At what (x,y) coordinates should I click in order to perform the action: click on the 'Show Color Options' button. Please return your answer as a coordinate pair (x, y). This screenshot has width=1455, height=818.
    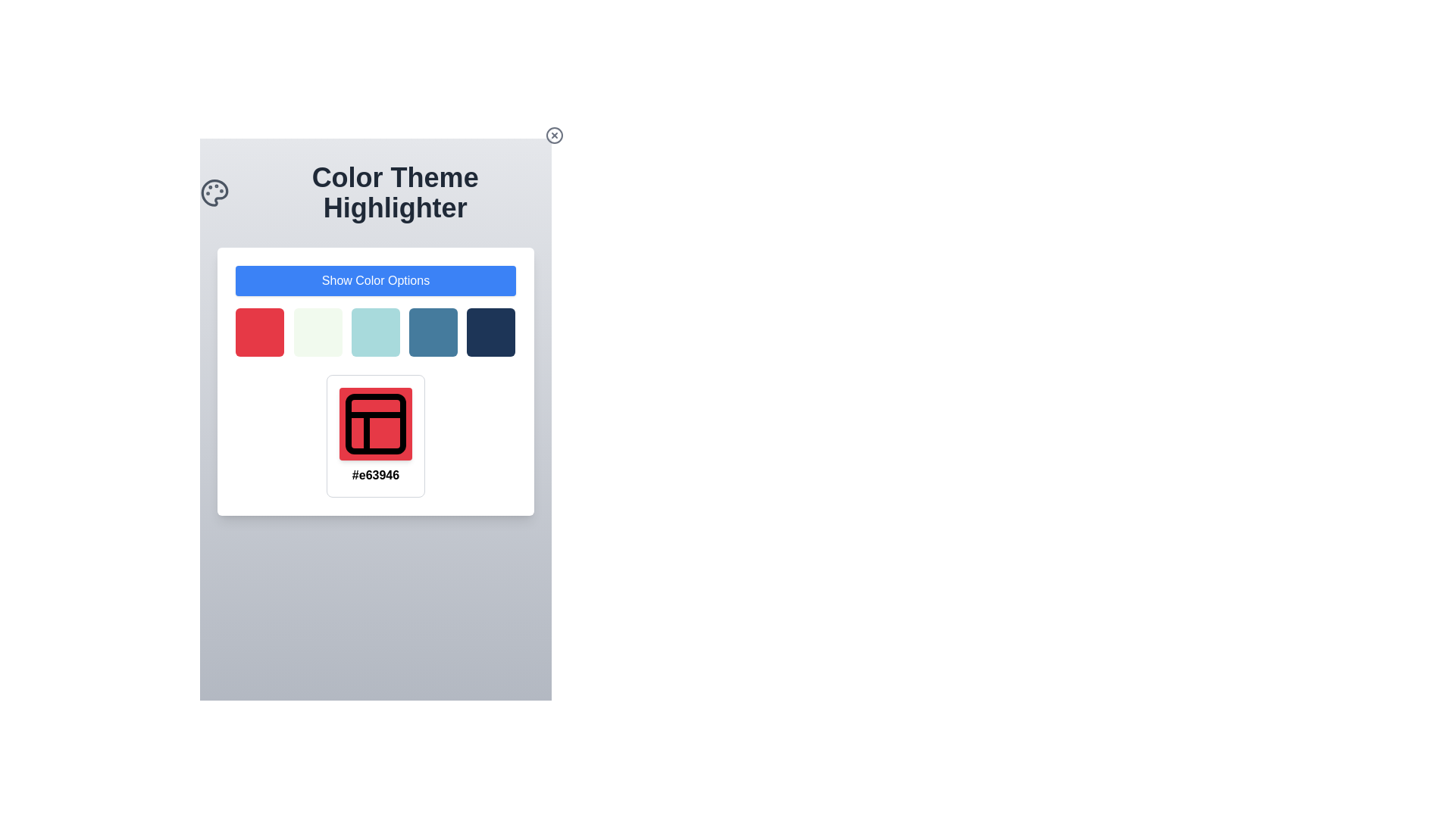
    Looking at the image, I should click on (375, 280).